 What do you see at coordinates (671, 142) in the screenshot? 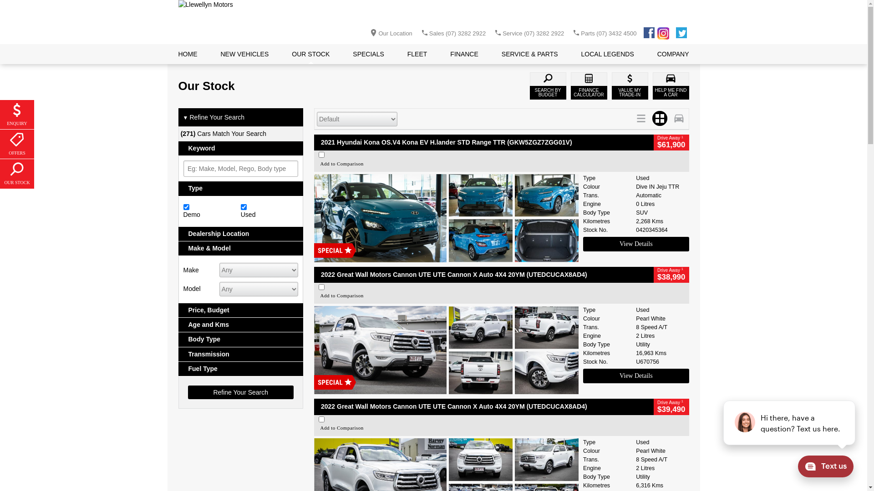
I see `'Drive Away 1` at bounding box center [671, 142].